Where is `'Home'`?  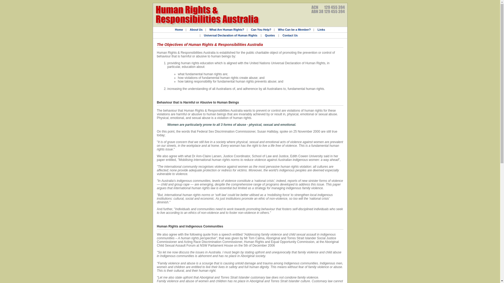 'Home' is located at coordinates (179, 29).